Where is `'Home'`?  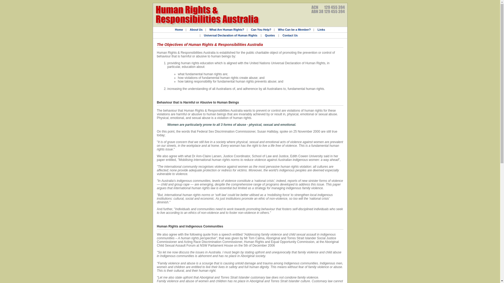 'Home' is located at coordinates (179, 29).